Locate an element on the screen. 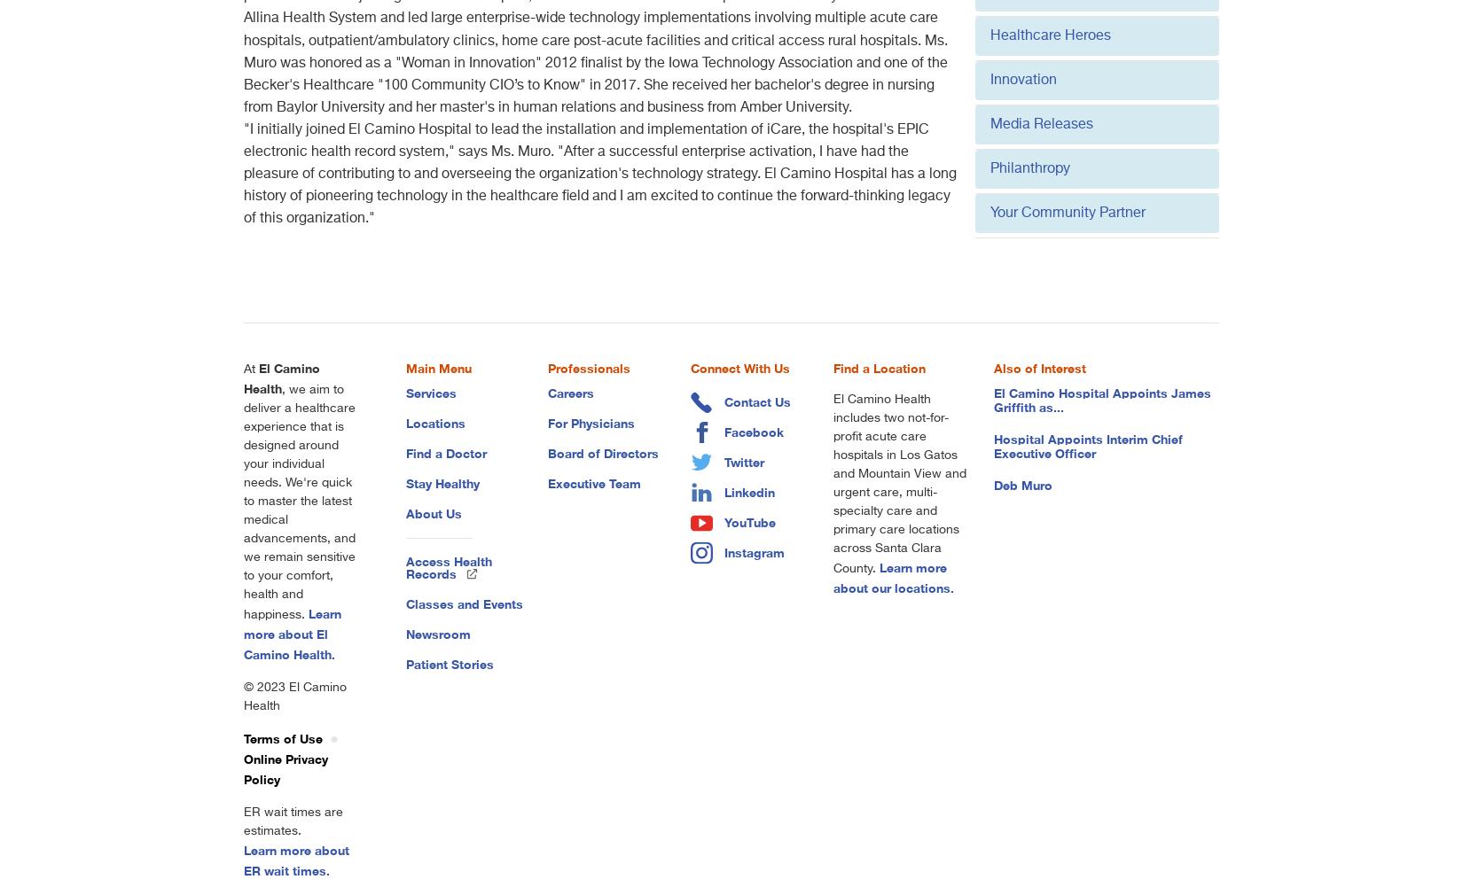 This screenshot has height=895, width=1463. 'Deb Muro' is located at coordinates (1022, 484).